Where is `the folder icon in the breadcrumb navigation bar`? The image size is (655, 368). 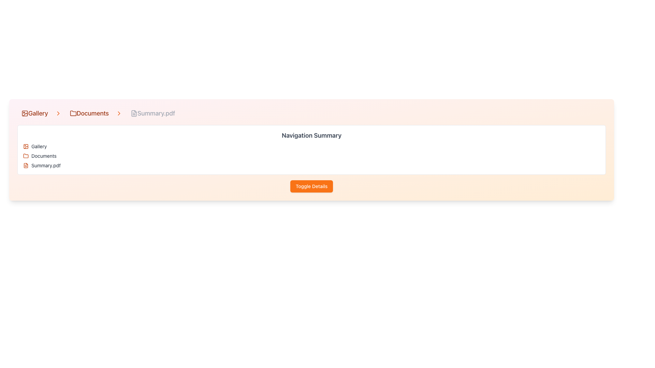 the folder icon in the breadcrumb navigation bar is located at coordinates (73, 113).